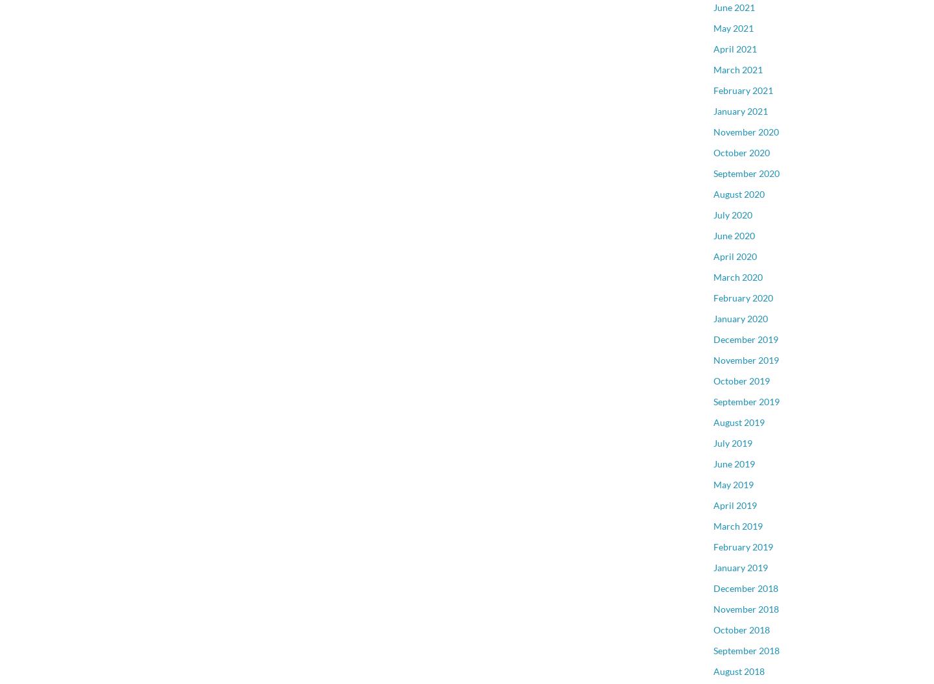 Image resolution: width=934 pixels, height=684 pixels. Describe the element at coordinates (788, 356) in the screenshot. I see `'White Rock, South Surrey White Rock'` at that location.